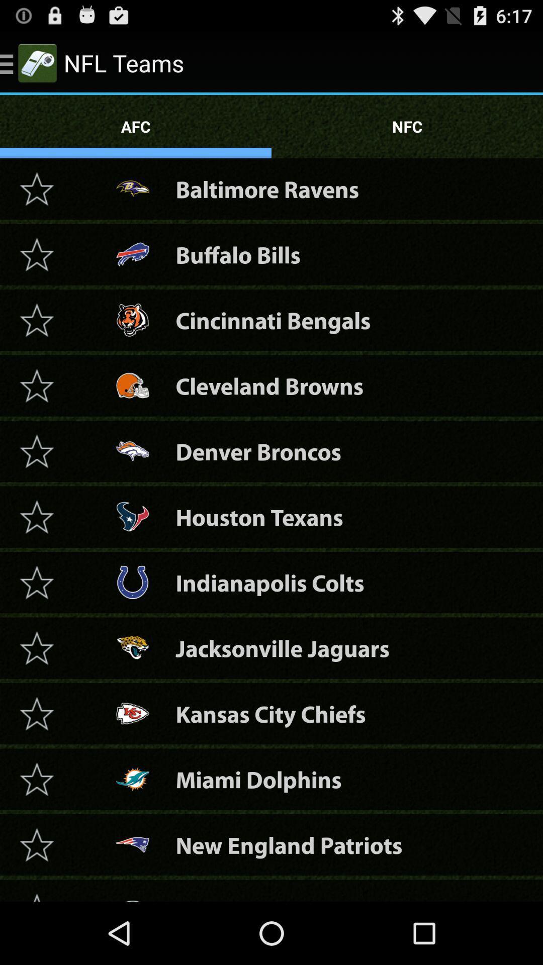  What do you see at coordinates (36, 779) in the screenshot?
I see `the miami dolphins` at bounding box center [36, 779].